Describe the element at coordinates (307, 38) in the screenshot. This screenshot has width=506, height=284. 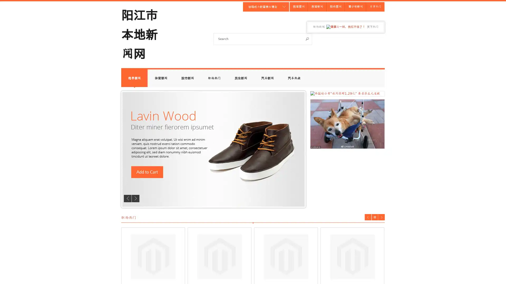
I see `Search` at that location.